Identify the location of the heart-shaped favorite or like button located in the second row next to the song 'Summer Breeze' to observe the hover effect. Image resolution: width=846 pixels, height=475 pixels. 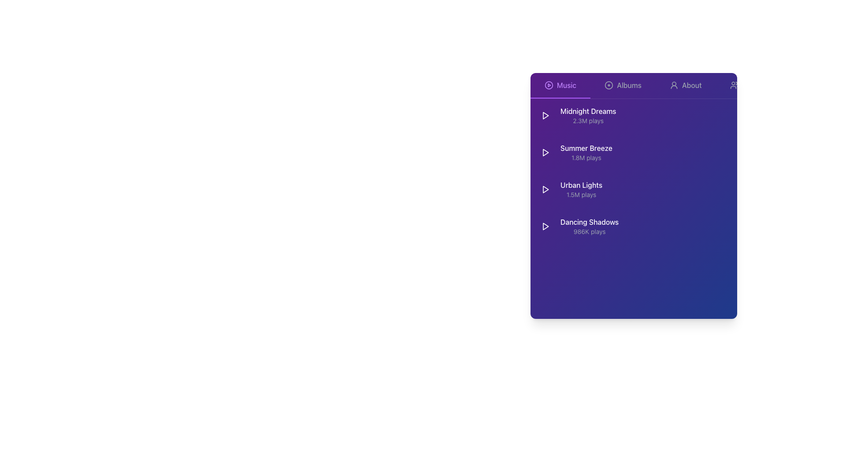
(698, 152).